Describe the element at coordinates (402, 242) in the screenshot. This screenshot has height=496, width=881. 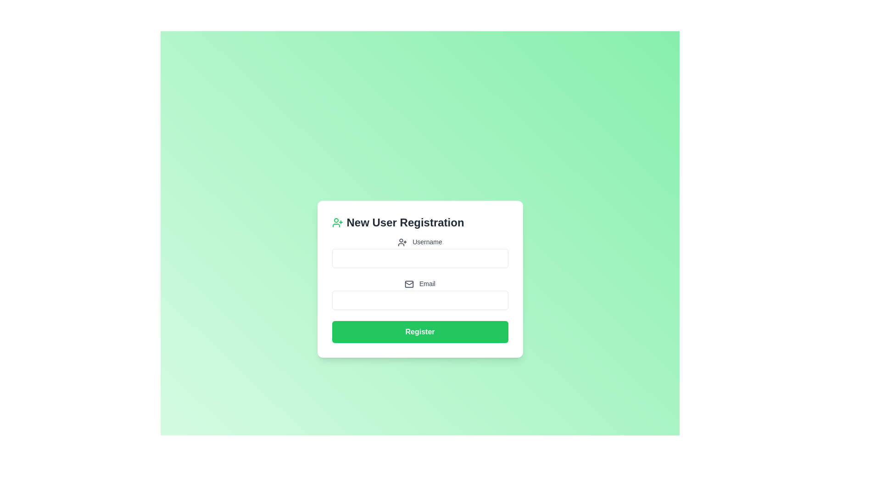
I see `the icon that indicates adding or creating user accounts, which is positioned to the left of the 'Username' label in the registration form` at that location.